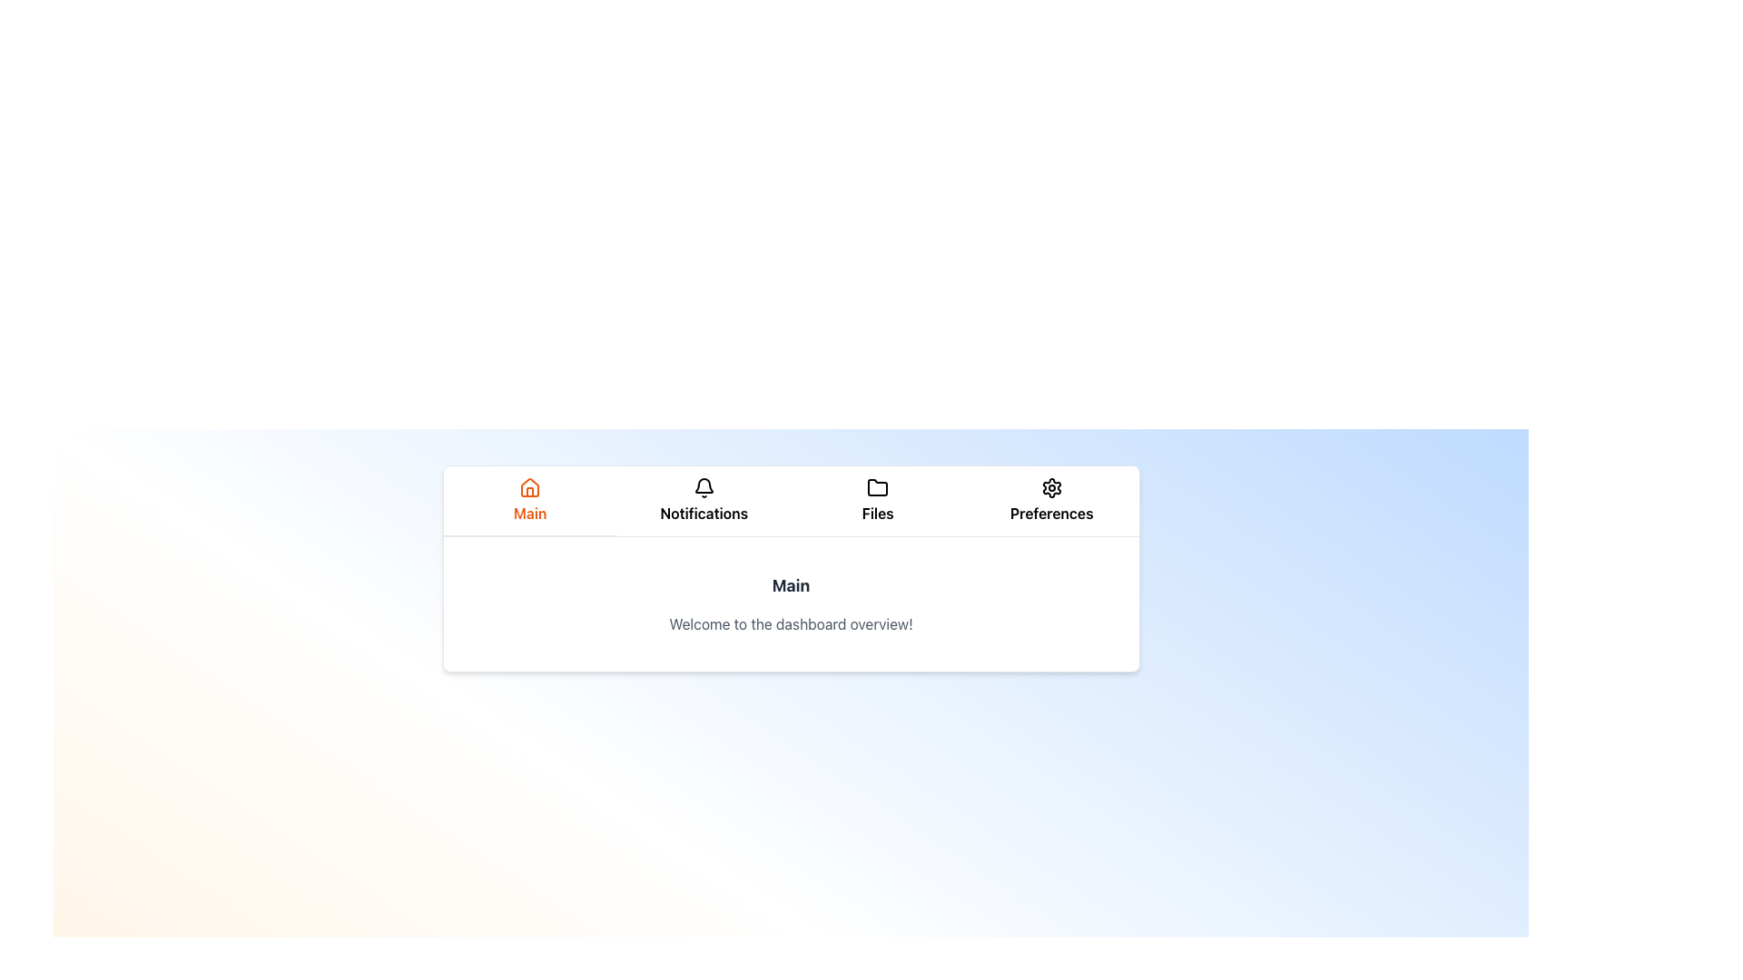 This screenshot has width=1743, height=980. I want to click on the 'Files' icon in the navigation bar, so click(878, 486).